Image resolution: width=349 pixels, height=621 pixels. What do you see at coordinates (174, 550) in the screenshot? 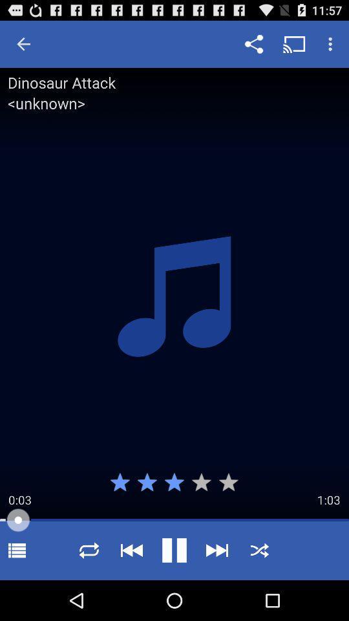
I see `play button` at bounding box center [174, 550].